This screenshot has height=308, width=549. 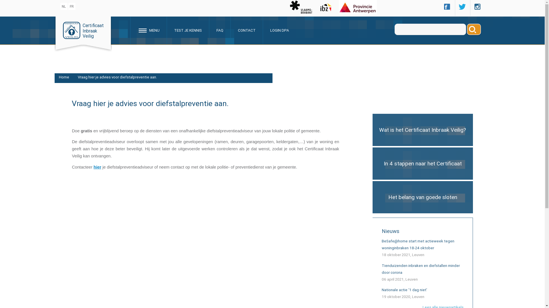 I want to click on '18 oktober 2021', so click(x=396, y=254).